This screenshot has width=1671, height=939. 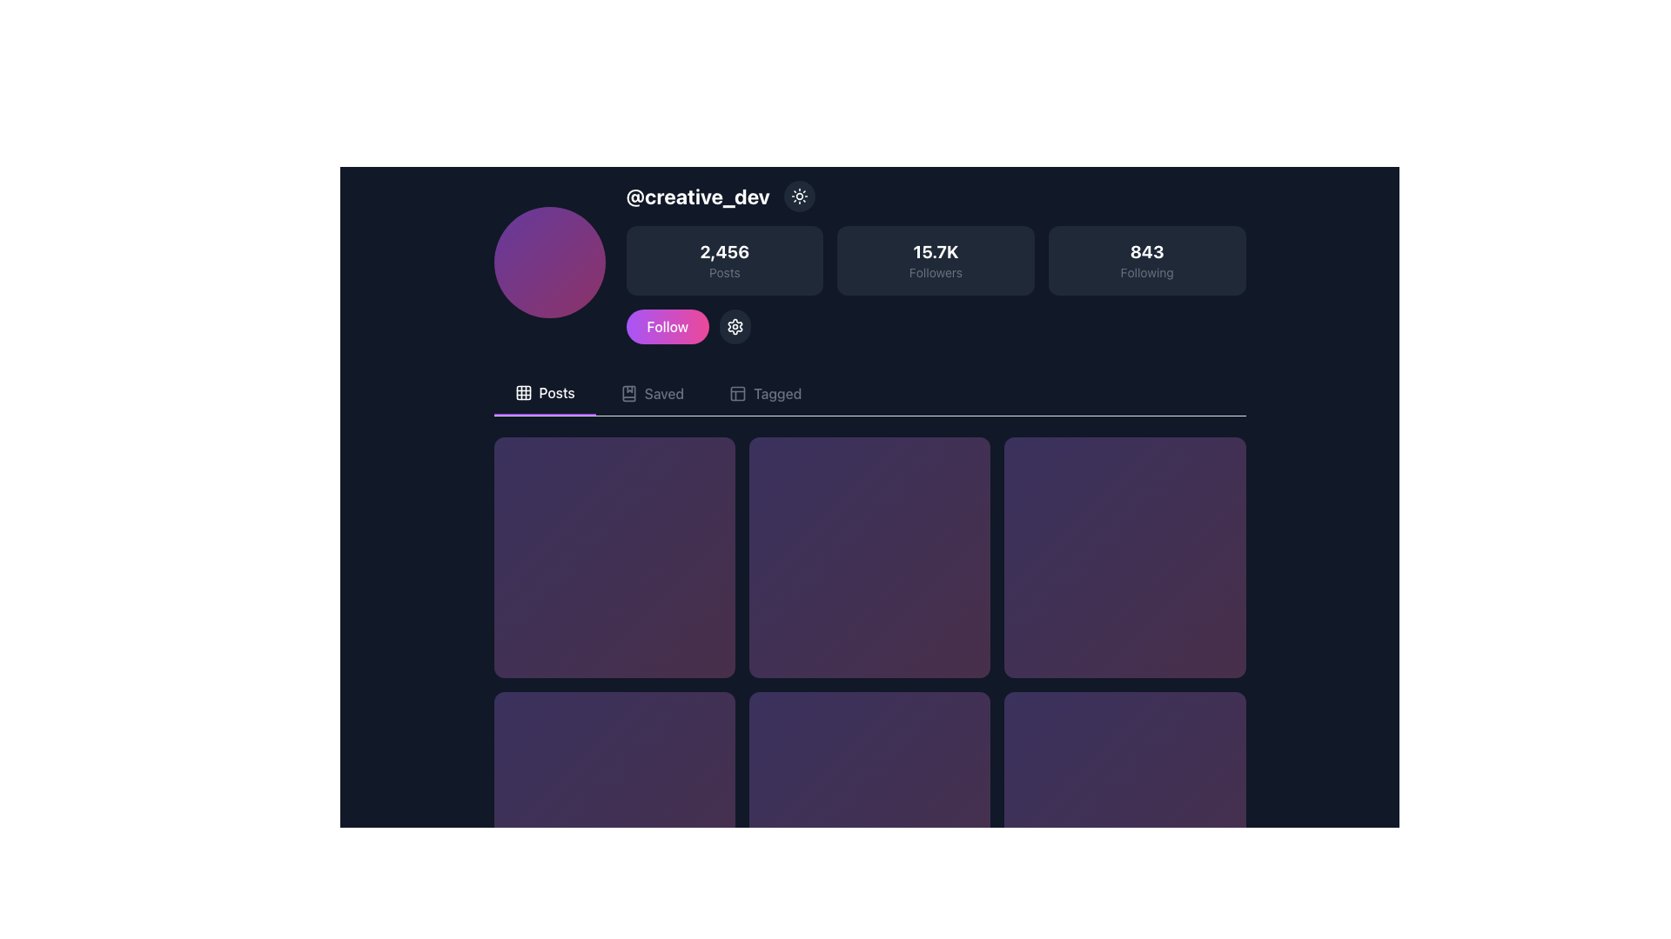 What do you see at coordinates (935, 251) in the screenshot?
I see `text displayed in the bold font '15.7K' located in the center of a rounded rectangular card with a dark gray background, positioned between '2,456 Posts' and '843 Following' cards in the profile summary section` at bounding box center [935, 251].